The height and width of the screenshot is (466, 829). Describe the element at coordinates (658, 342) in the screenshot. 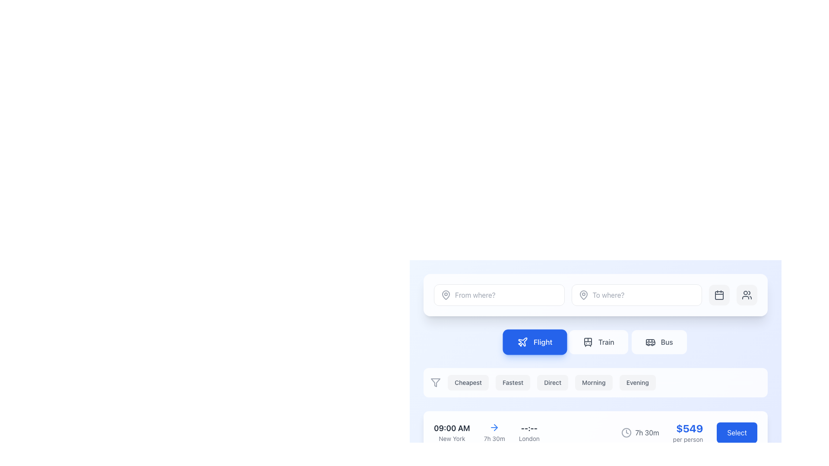

I see `the 'Bus' button element, which has a white background, gray text, and an icon of a bus, positioned to the right of the 'Train' button` at that location.